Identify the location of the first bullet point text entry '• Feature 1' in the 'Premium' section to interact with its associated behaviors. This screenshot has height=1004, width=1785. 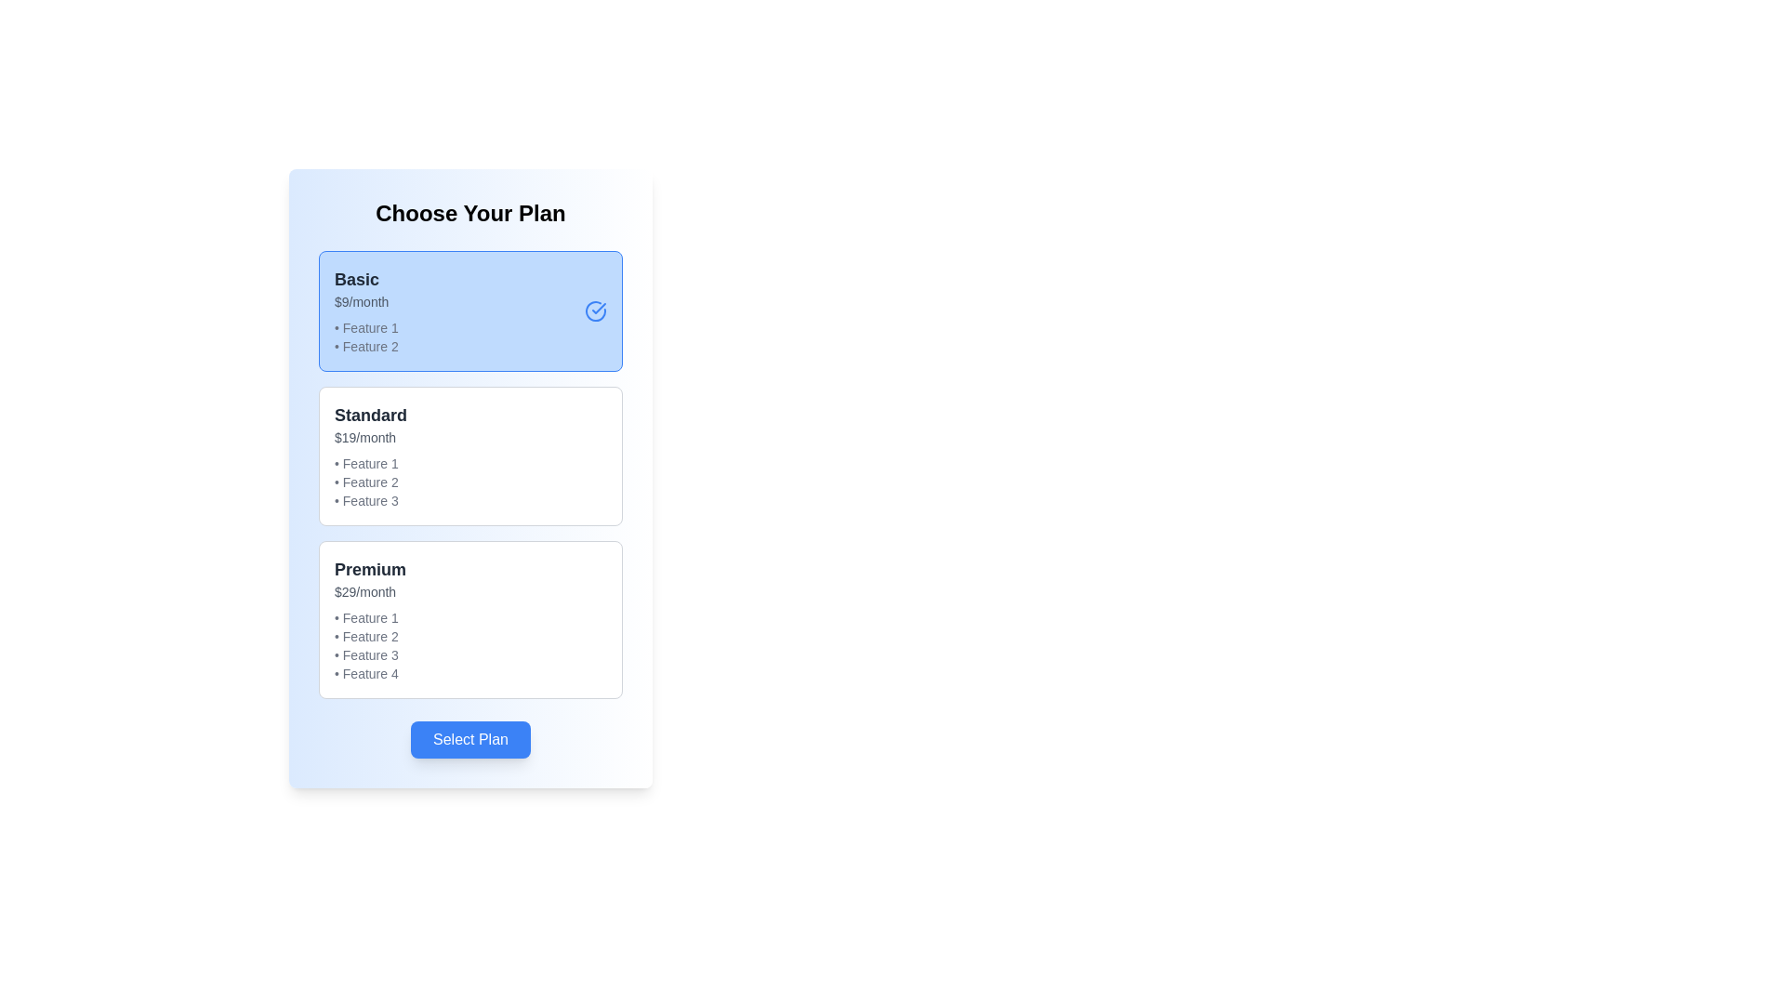
(370, 617).